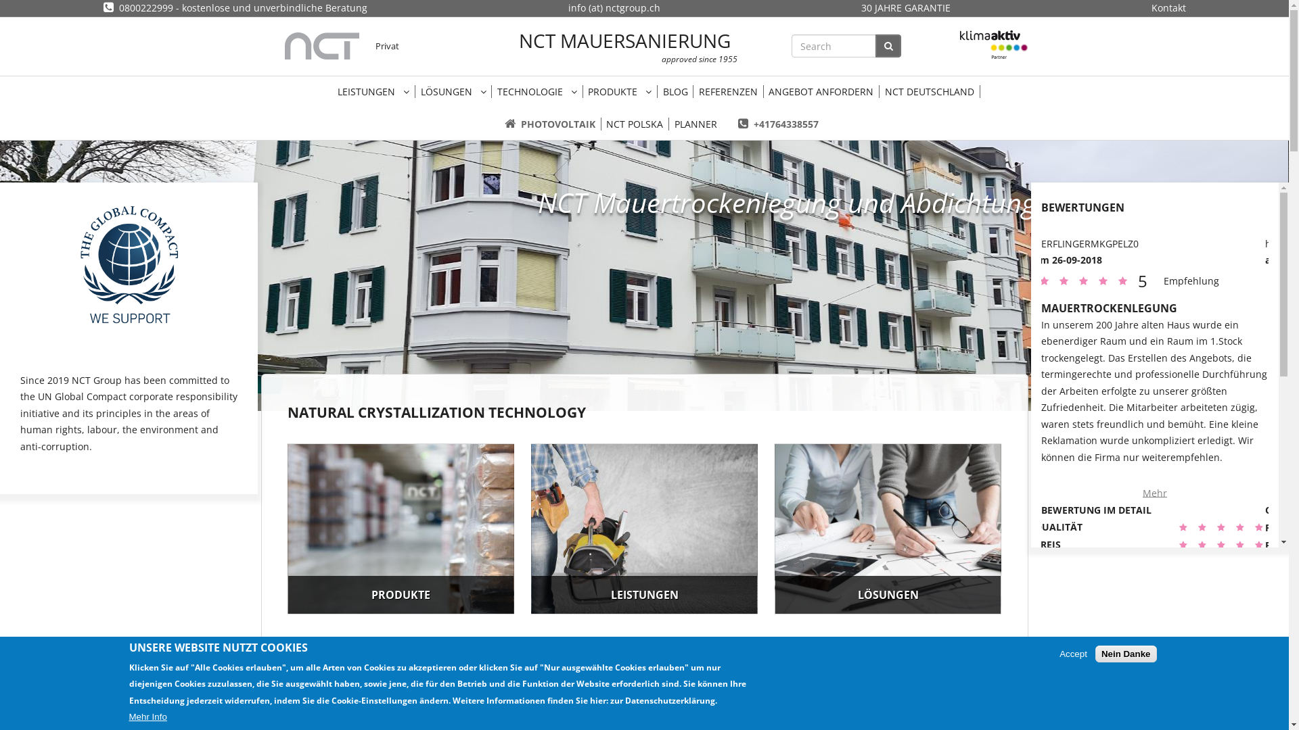  I want to click on 'REFERENZEN', so click(693, 91).